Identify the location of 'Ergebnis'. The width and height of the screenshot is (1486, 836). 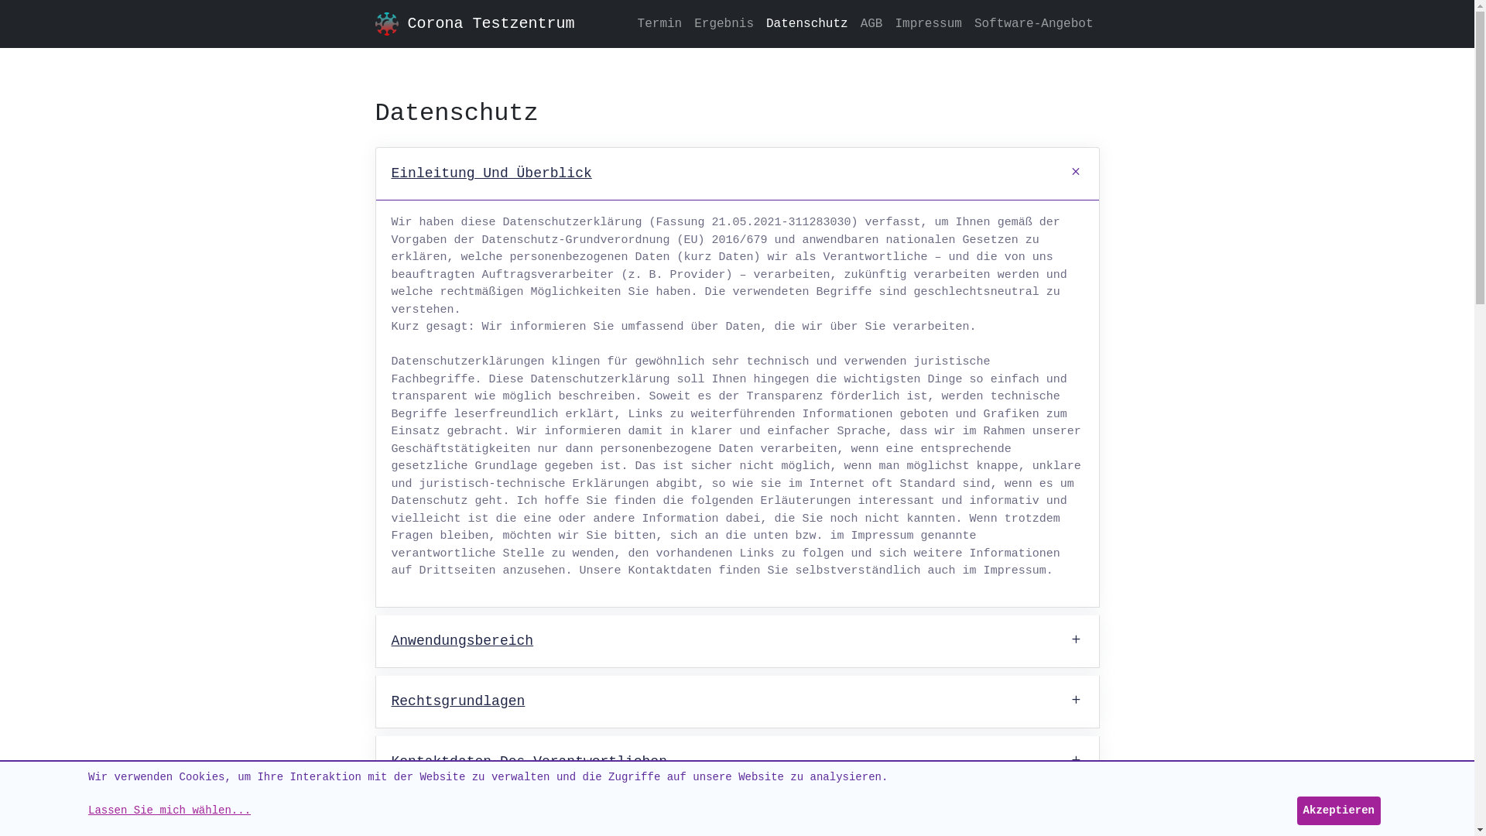
(723, 23).